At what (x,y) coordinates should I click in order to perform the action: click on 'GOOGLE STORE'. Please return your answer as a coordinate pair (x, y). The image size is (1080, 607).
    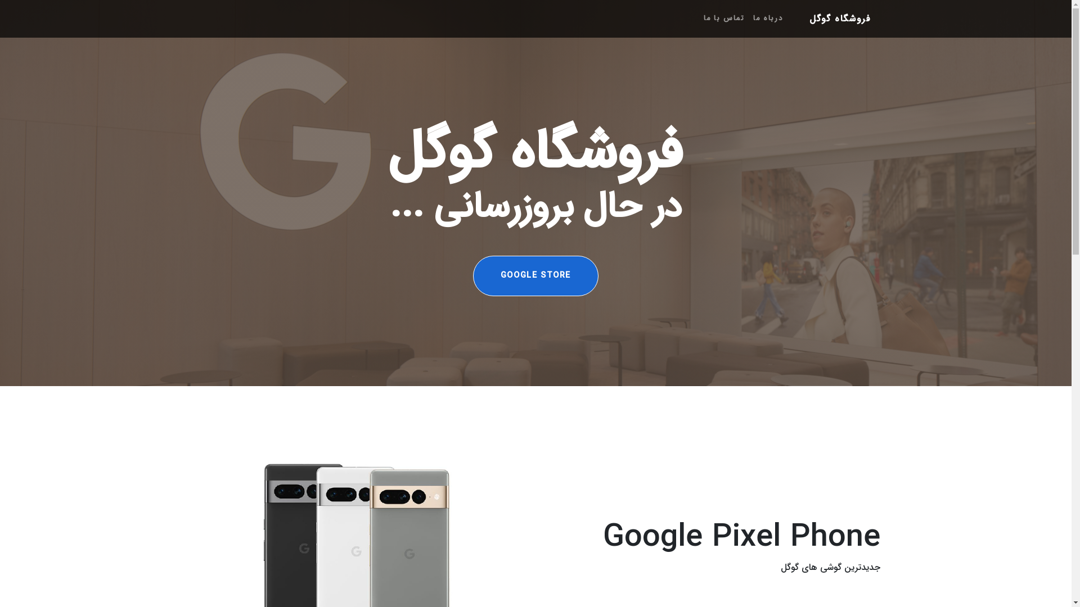
    Looking at the image, I should click on (535, 275).